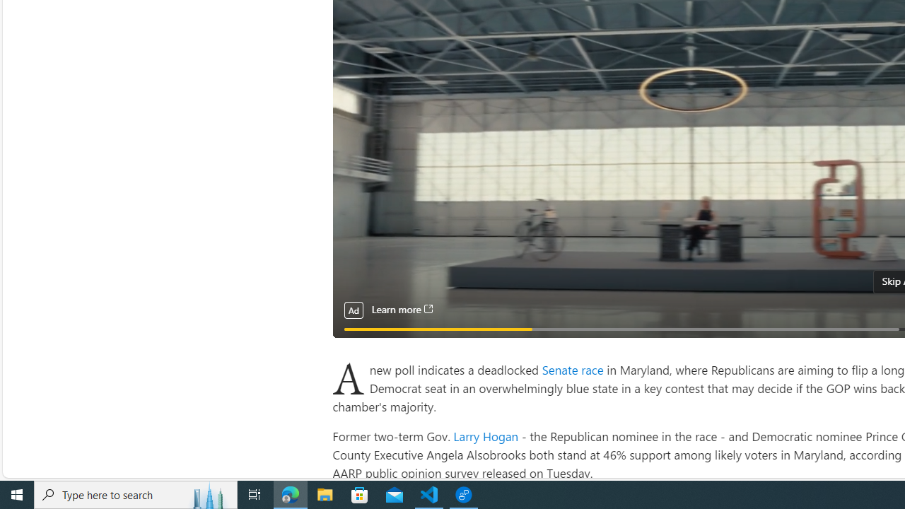 Image resolution: width=905 pixels, height=509 pixels. I want to click on 'Senate race ', so click(574, 368).